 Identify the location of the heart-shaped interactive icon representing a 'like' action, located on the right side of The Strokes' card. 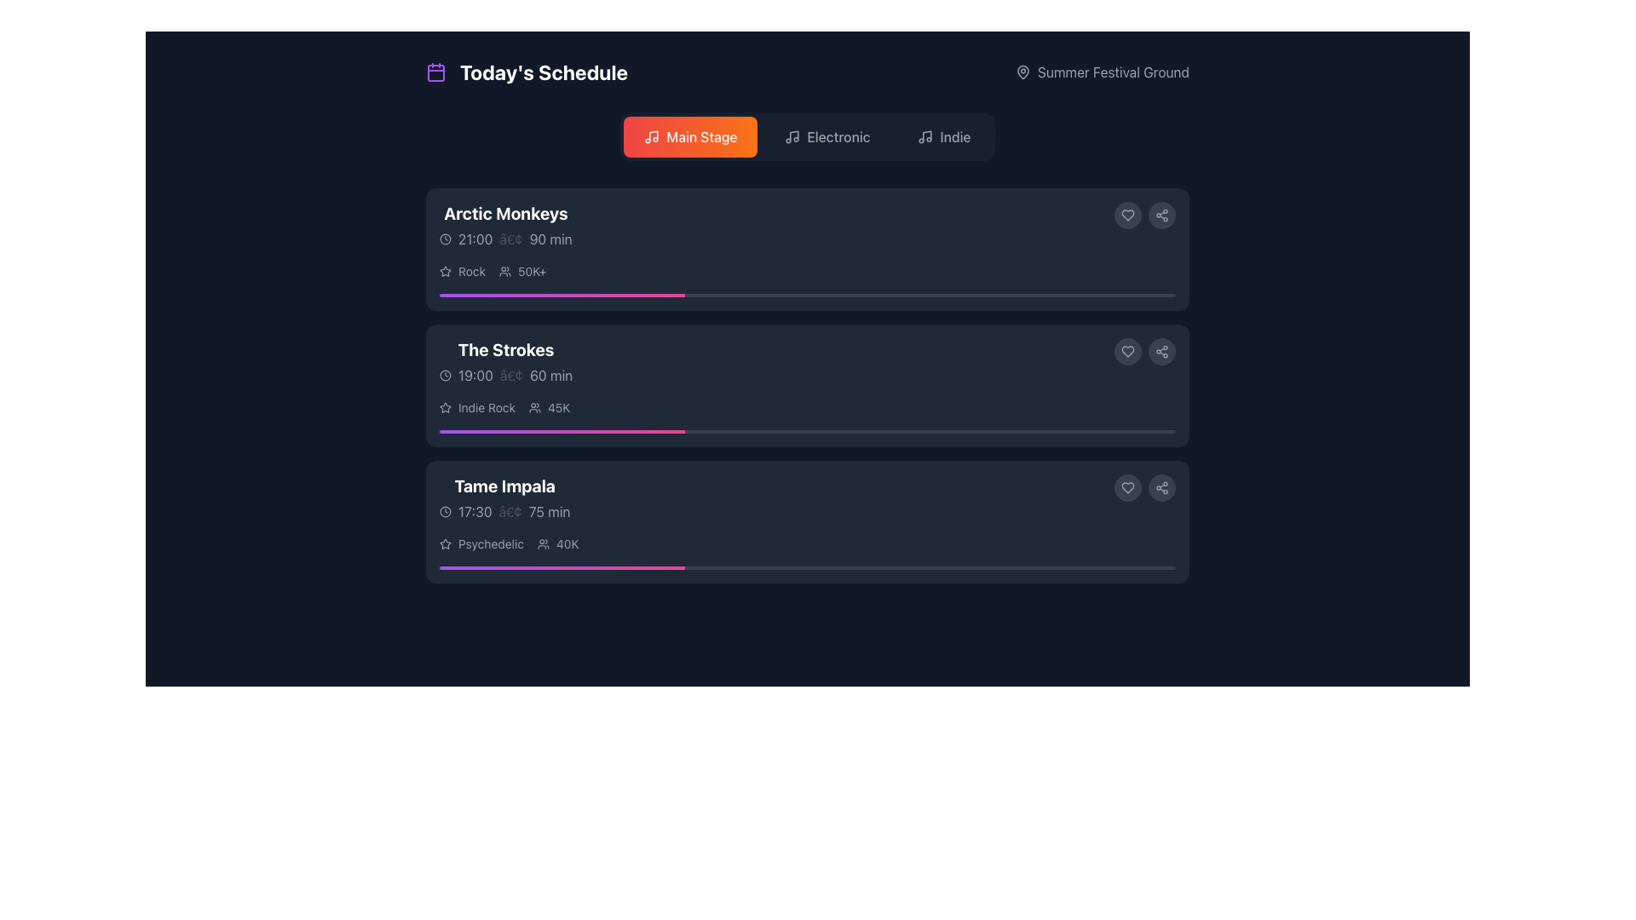
(1128, 350).